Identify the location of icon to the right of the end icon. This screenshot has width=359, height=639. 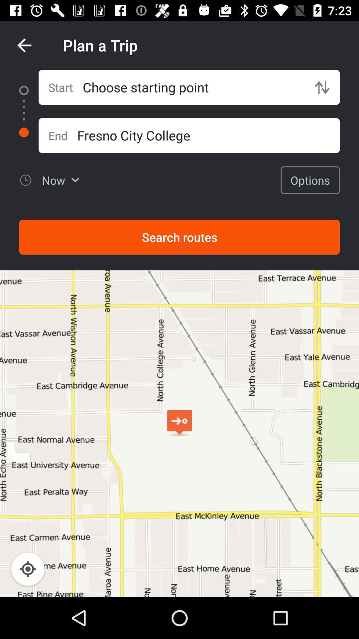
(208, 135).